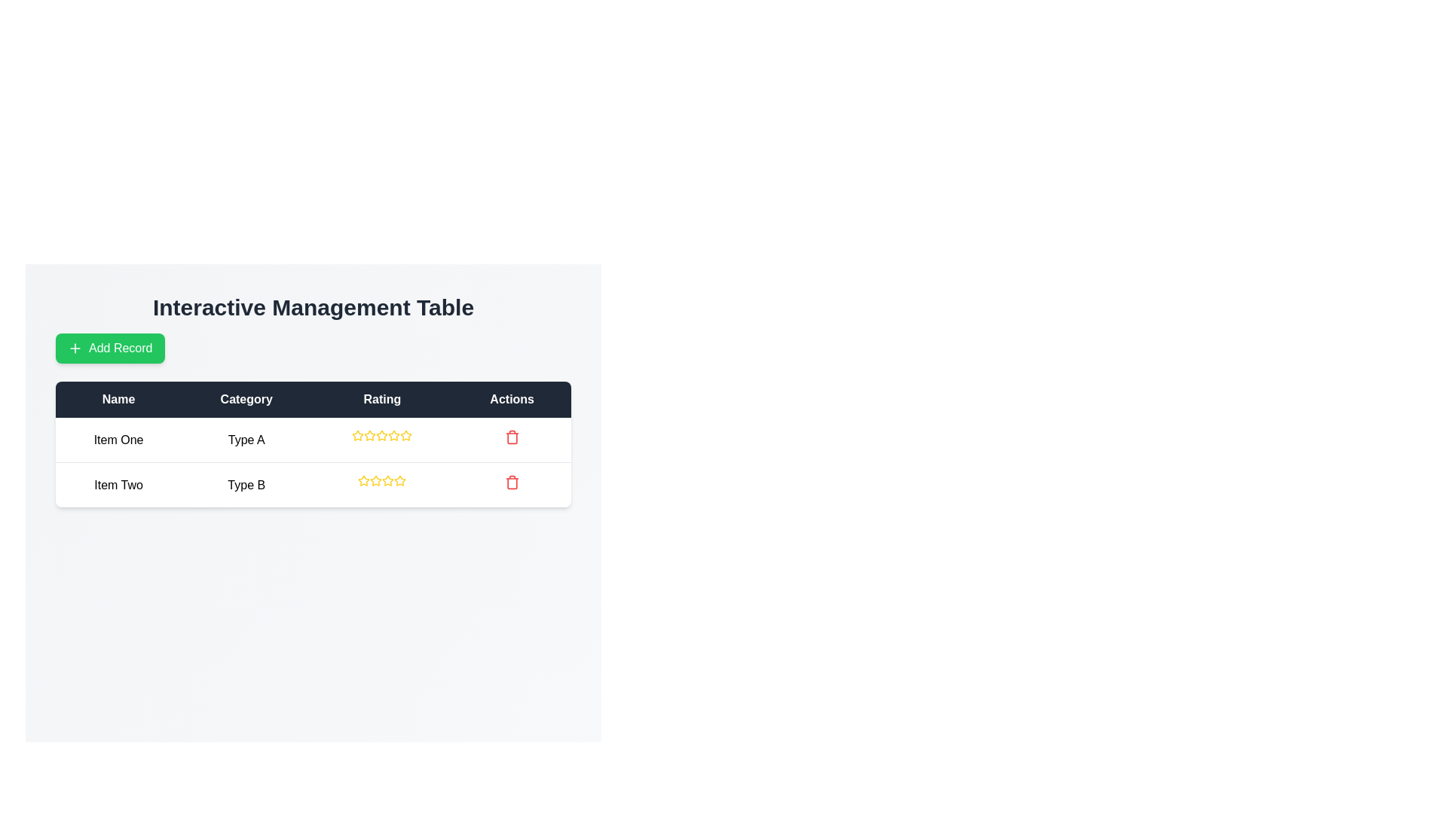  I want to click on the fourth column header in the table, positioned at the far right of the header row, so click(512, 399).